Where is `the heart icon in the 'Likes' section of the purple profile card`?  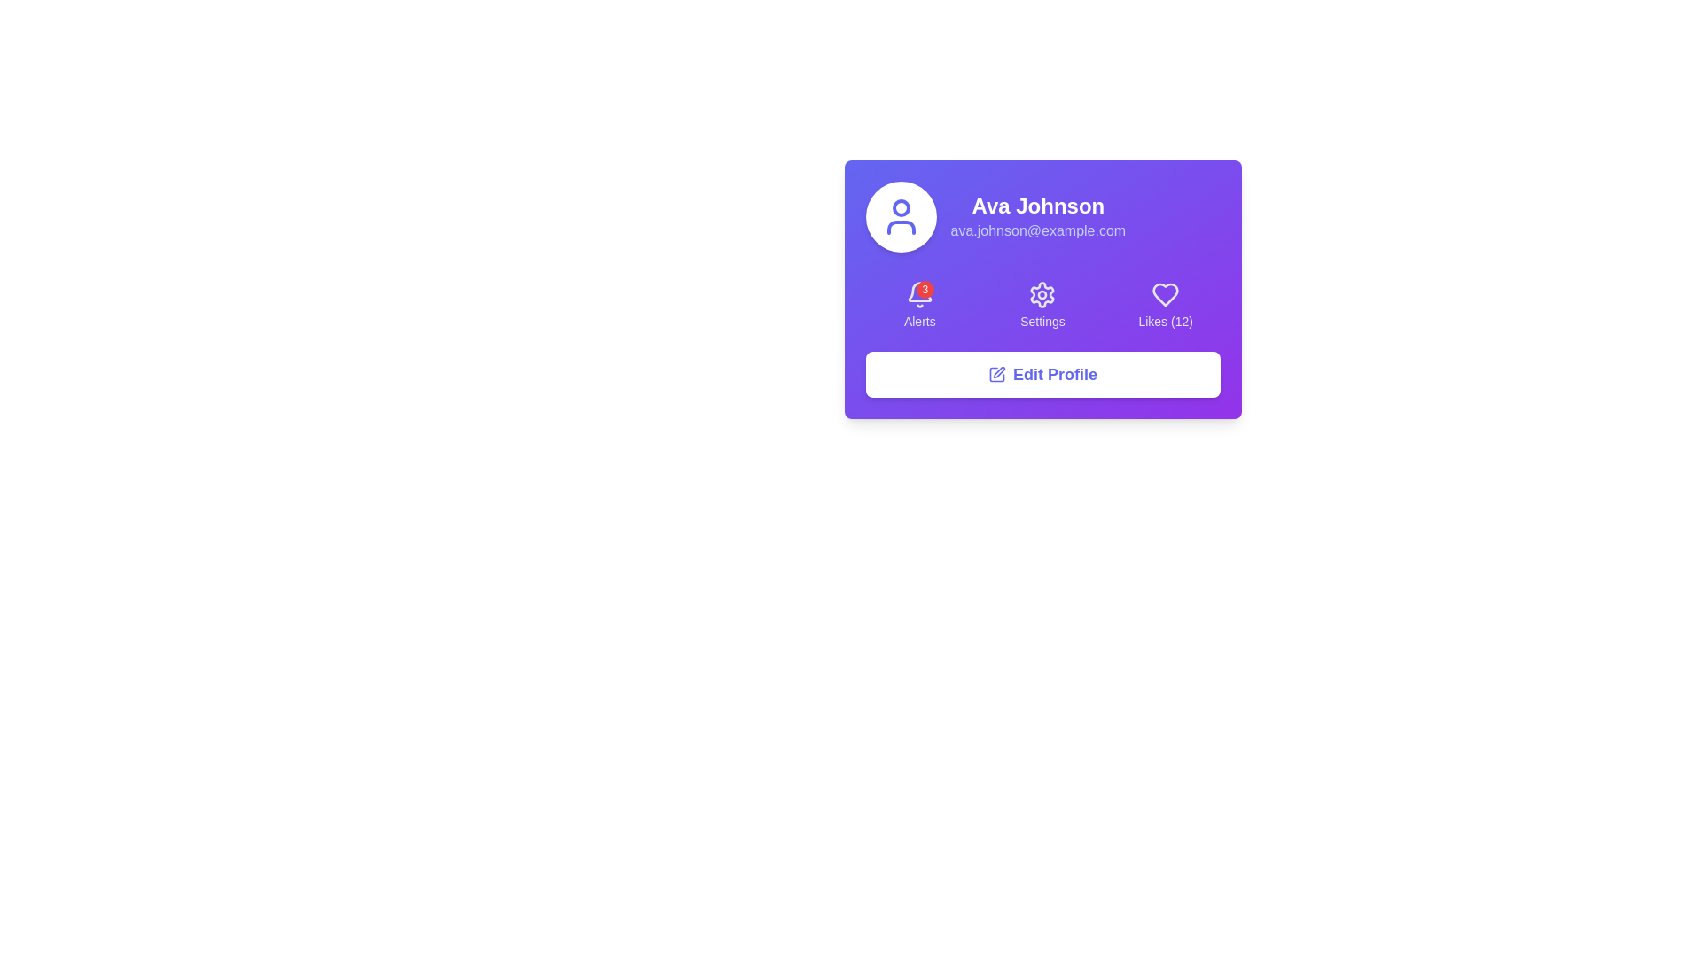
the heart icon in the 'Likes' section of the purple profile card is located at coordinates (1166, 293).